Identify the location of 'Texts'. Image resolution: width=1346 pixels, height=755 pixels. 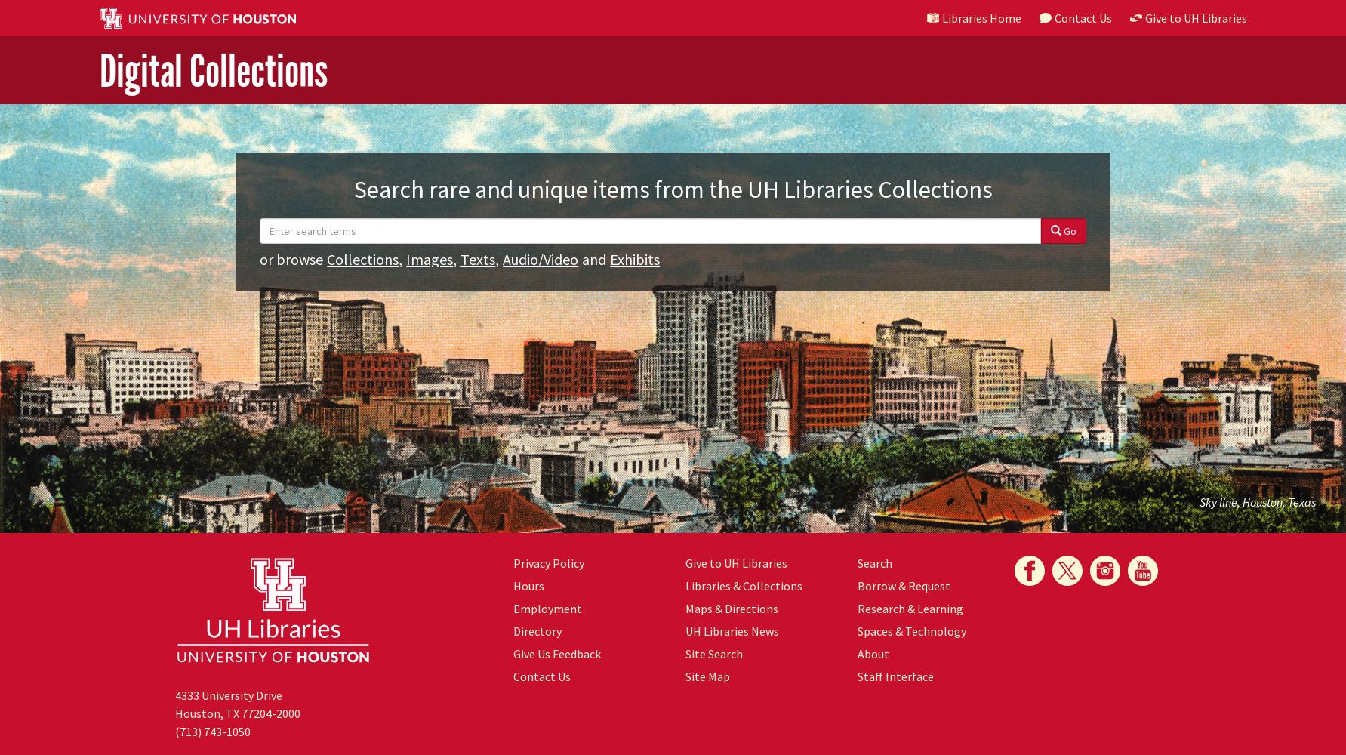
(477, 258).